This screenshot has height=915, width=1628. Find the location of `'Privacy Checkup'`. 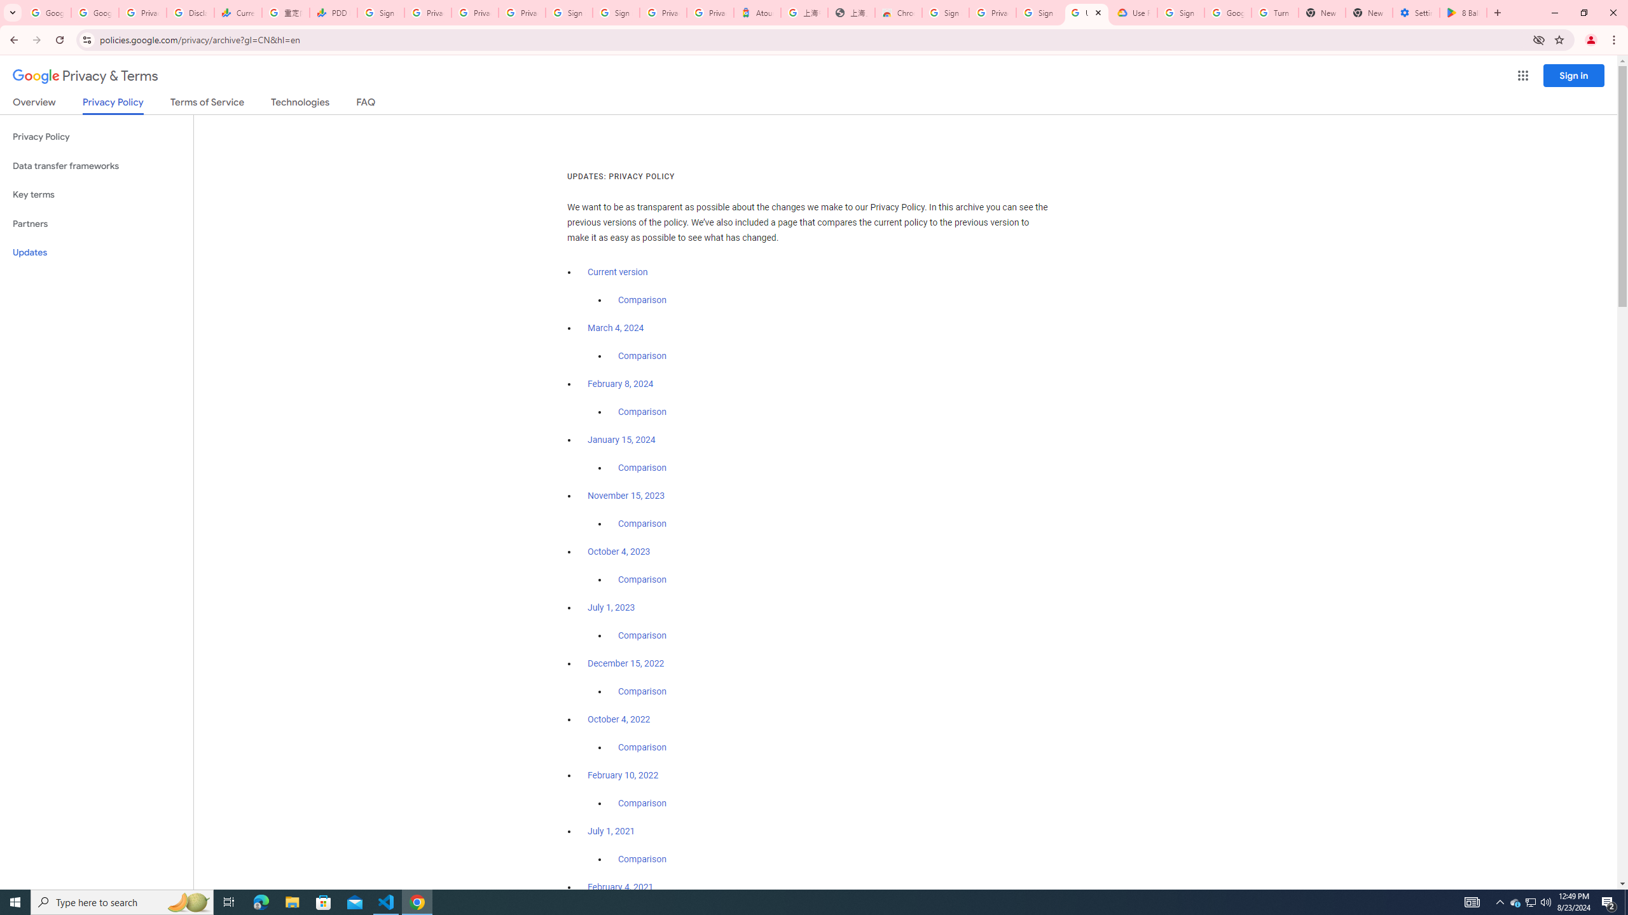

'Privacy Checkup' is located at coordinates (474, 12).